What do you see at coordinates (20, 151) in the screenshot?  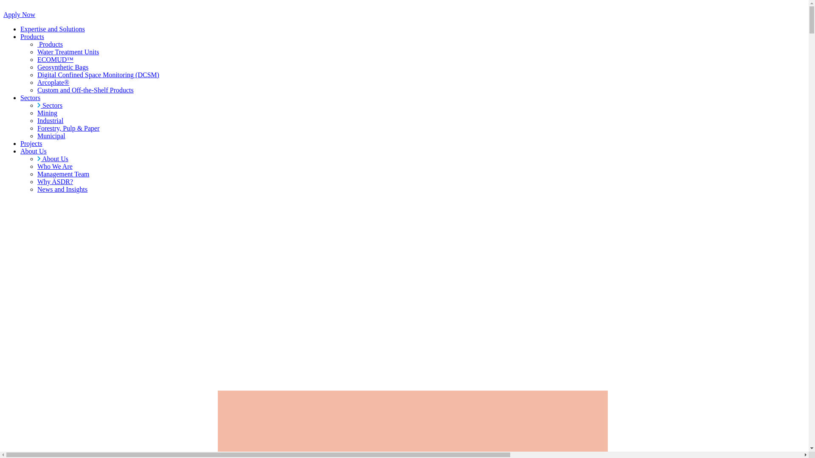 I see `'About Us'` at bounding box center [20, 151].